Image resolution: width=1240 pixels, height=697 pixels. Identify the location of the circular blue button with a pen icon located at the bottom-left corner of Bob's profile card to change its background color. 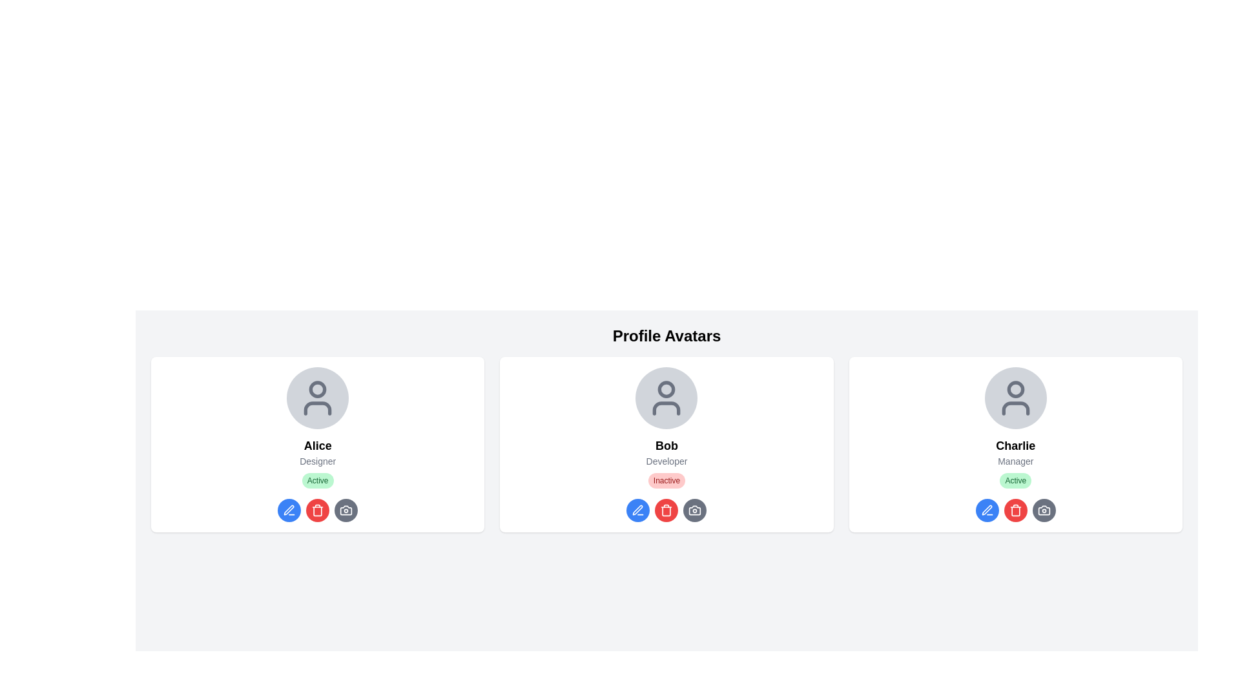
(638, 509).